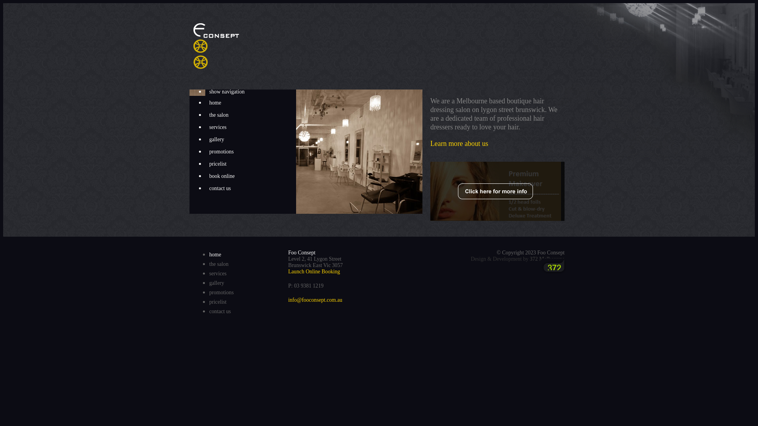 This screenshot has width=758, height=426. I want to click on 'pricelist', so click(250, 164).